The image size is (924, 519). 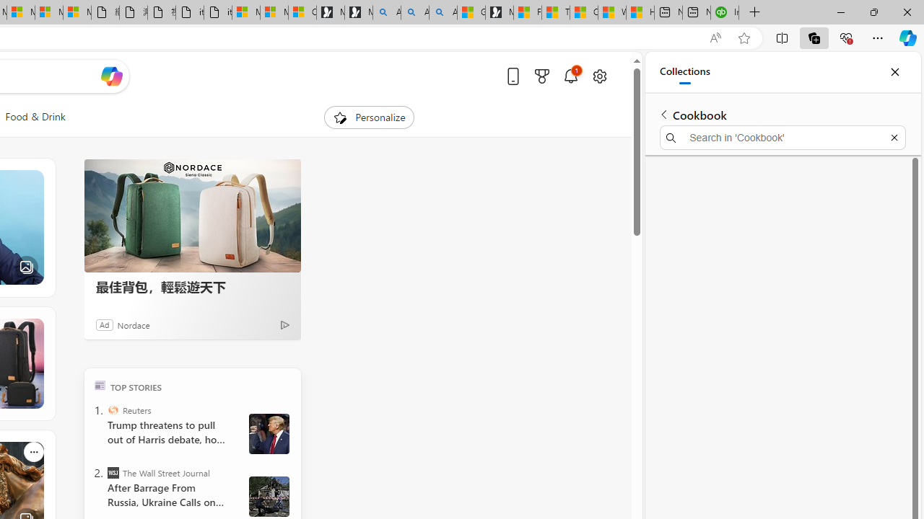 I want to click on 'TOP', so click(x=99, y=384).